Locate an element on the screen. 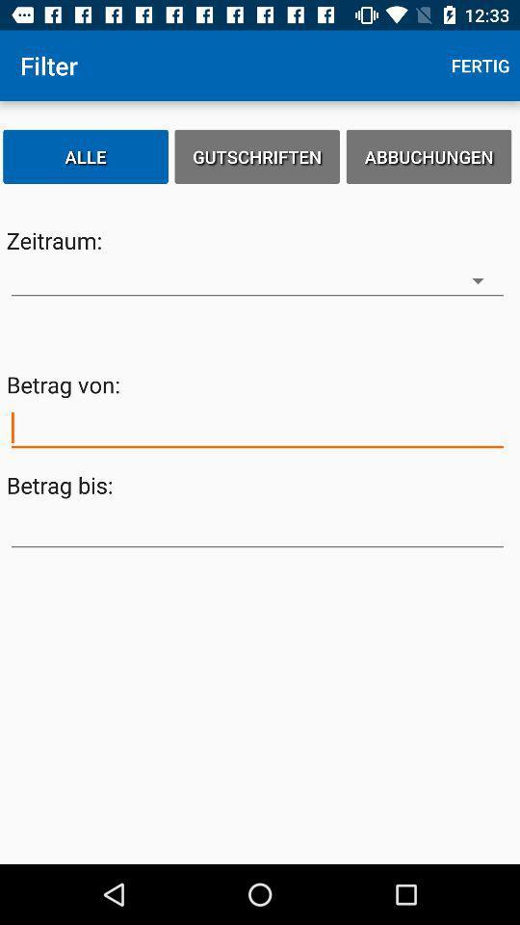 The image size is (520, 925). the item to the left of the gutschriften item is located at coordinates (85, 155).